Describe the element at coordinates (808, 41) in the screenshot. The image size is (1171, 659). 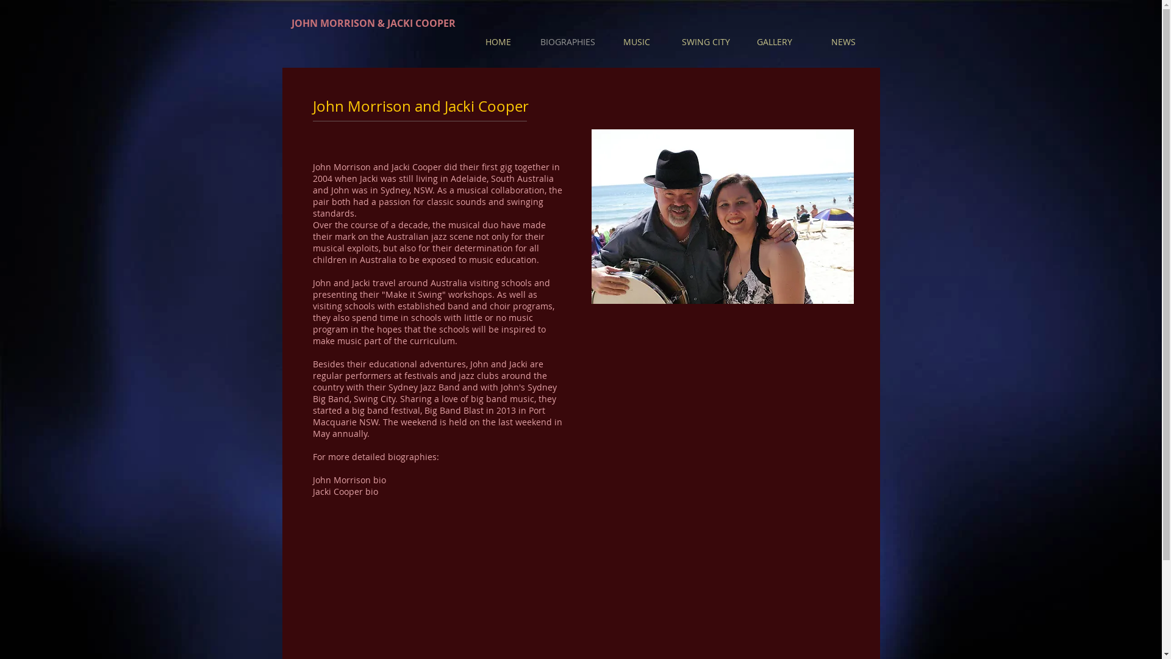
I see `'NEWS'` at that location.